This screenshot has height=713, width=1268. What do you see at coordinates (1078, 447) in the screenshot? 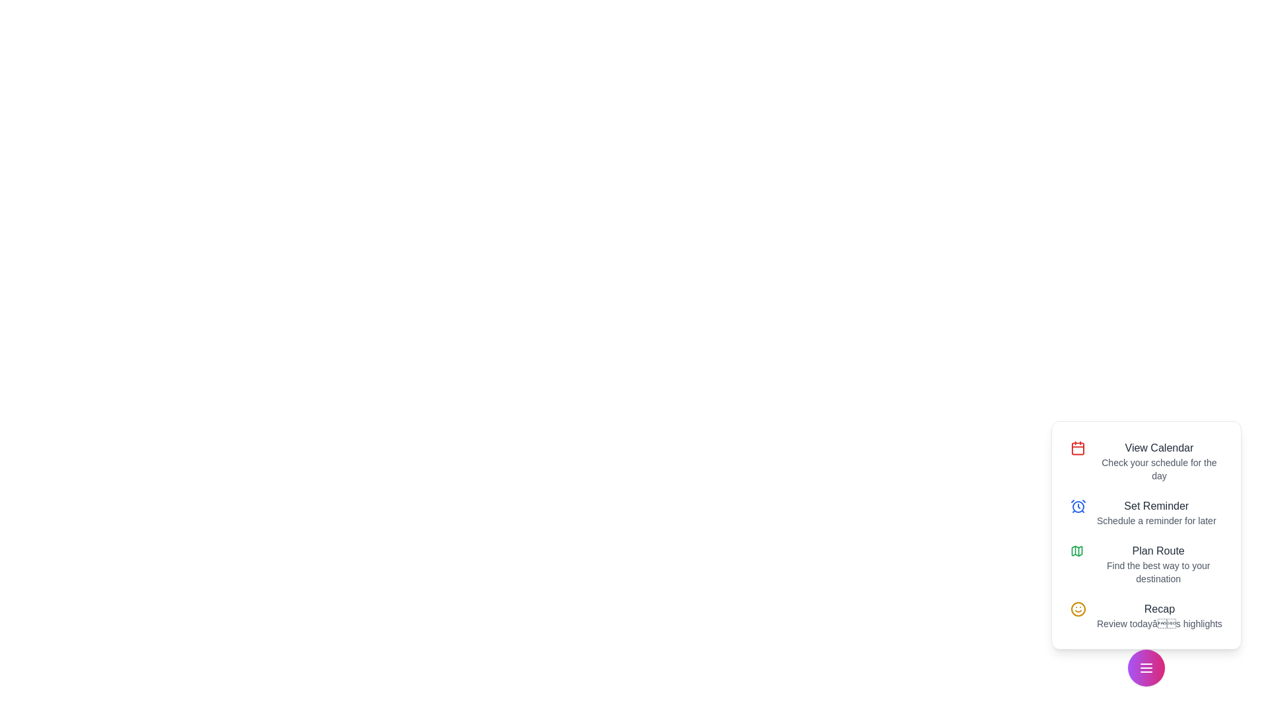
I see `the View Calendar icon to perform the corresponding action` at bounding box center [1078, 447].